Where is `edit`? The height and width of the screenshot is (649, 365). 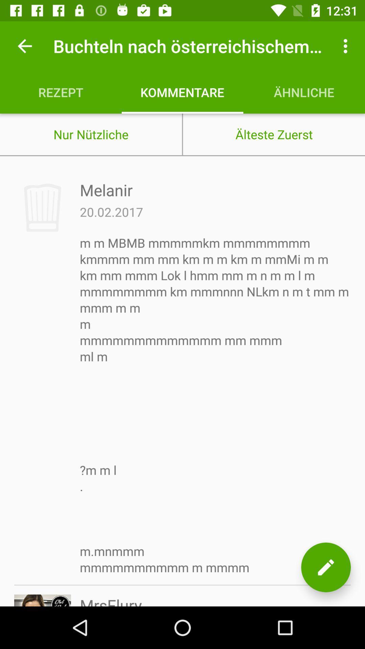 edit is located at coordinates (325, 567).